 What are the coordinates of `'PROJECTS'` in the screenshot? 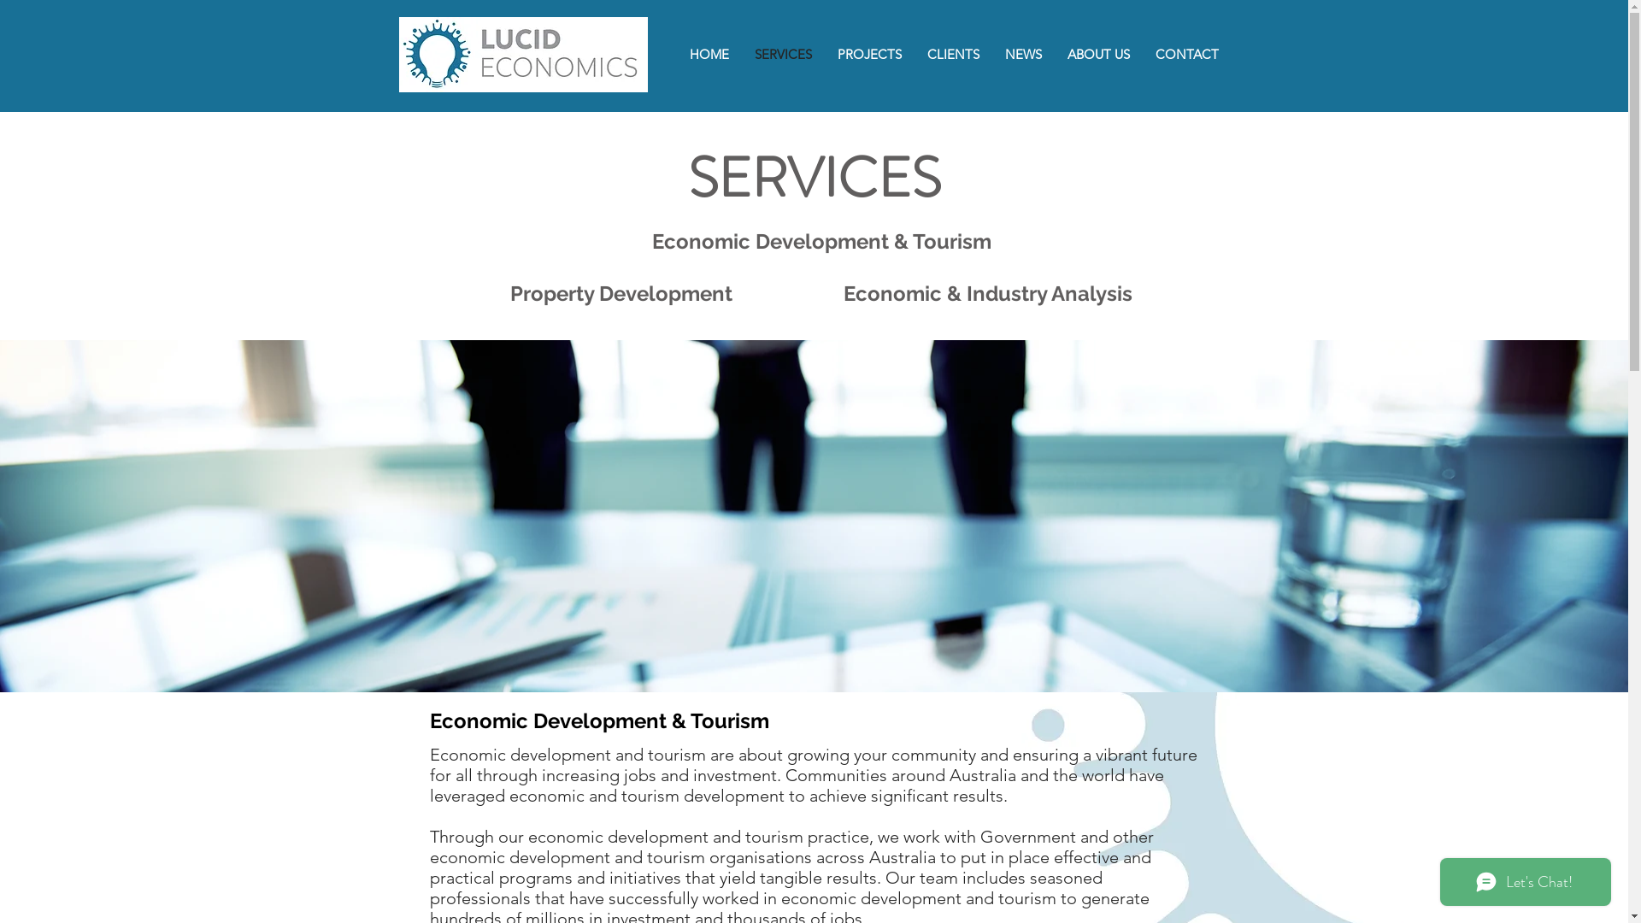 It's located at (868, 53).